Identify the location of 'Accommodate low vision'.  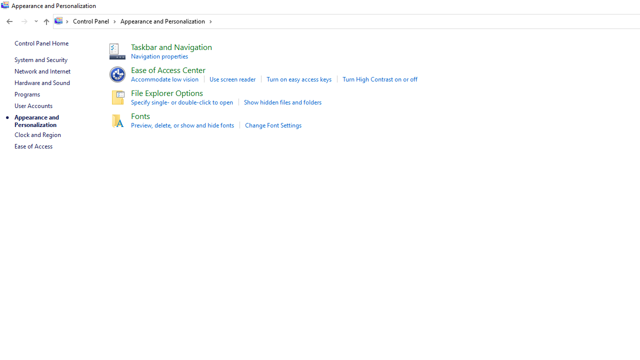
(164, 78).